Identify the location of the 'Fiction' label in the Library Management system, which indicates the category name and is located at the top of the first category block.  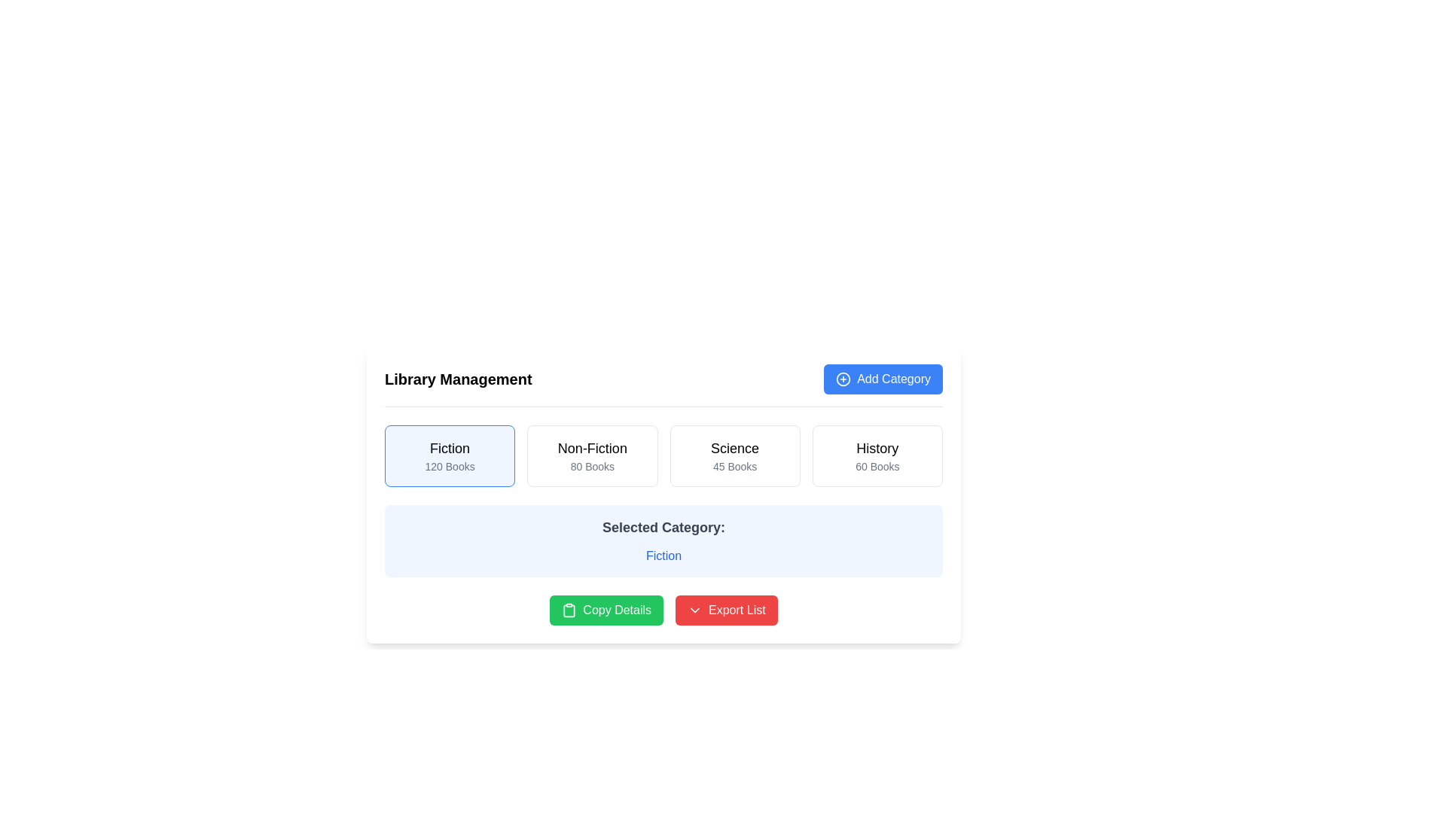
(449, 448).